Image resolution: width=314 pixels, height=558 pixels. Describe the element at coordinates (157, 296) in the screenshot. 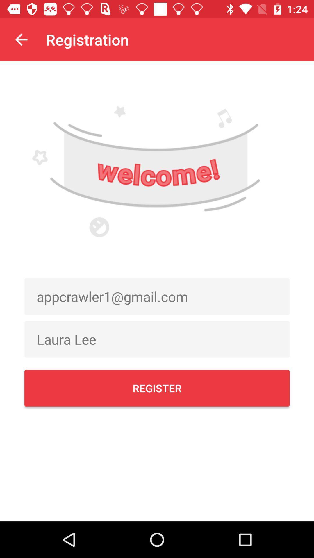

I see `the item above laura lee icon` at that location.